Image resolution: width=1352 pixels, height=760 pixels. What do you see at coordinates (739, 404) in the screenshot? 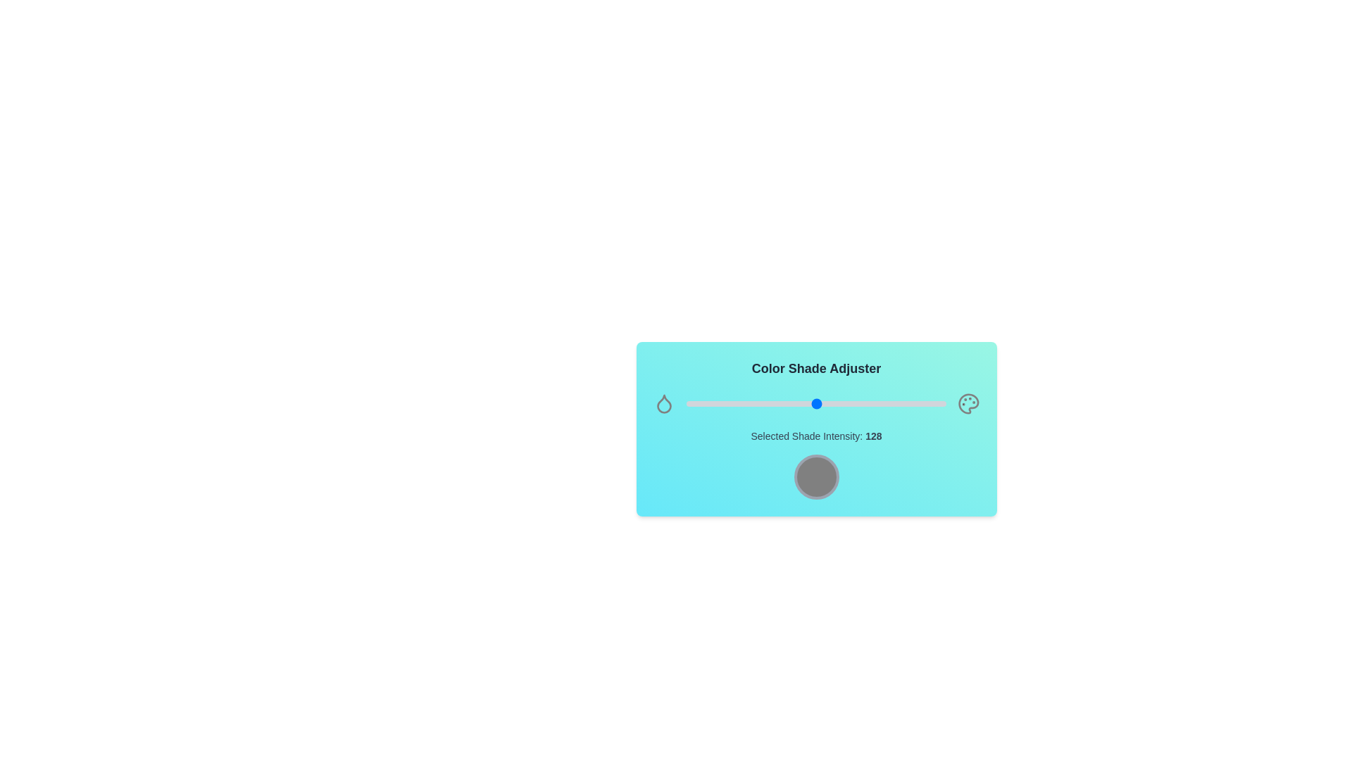
I see `the shade intensity to 52 by interacting with the slider` at bounding box center [739, 404].